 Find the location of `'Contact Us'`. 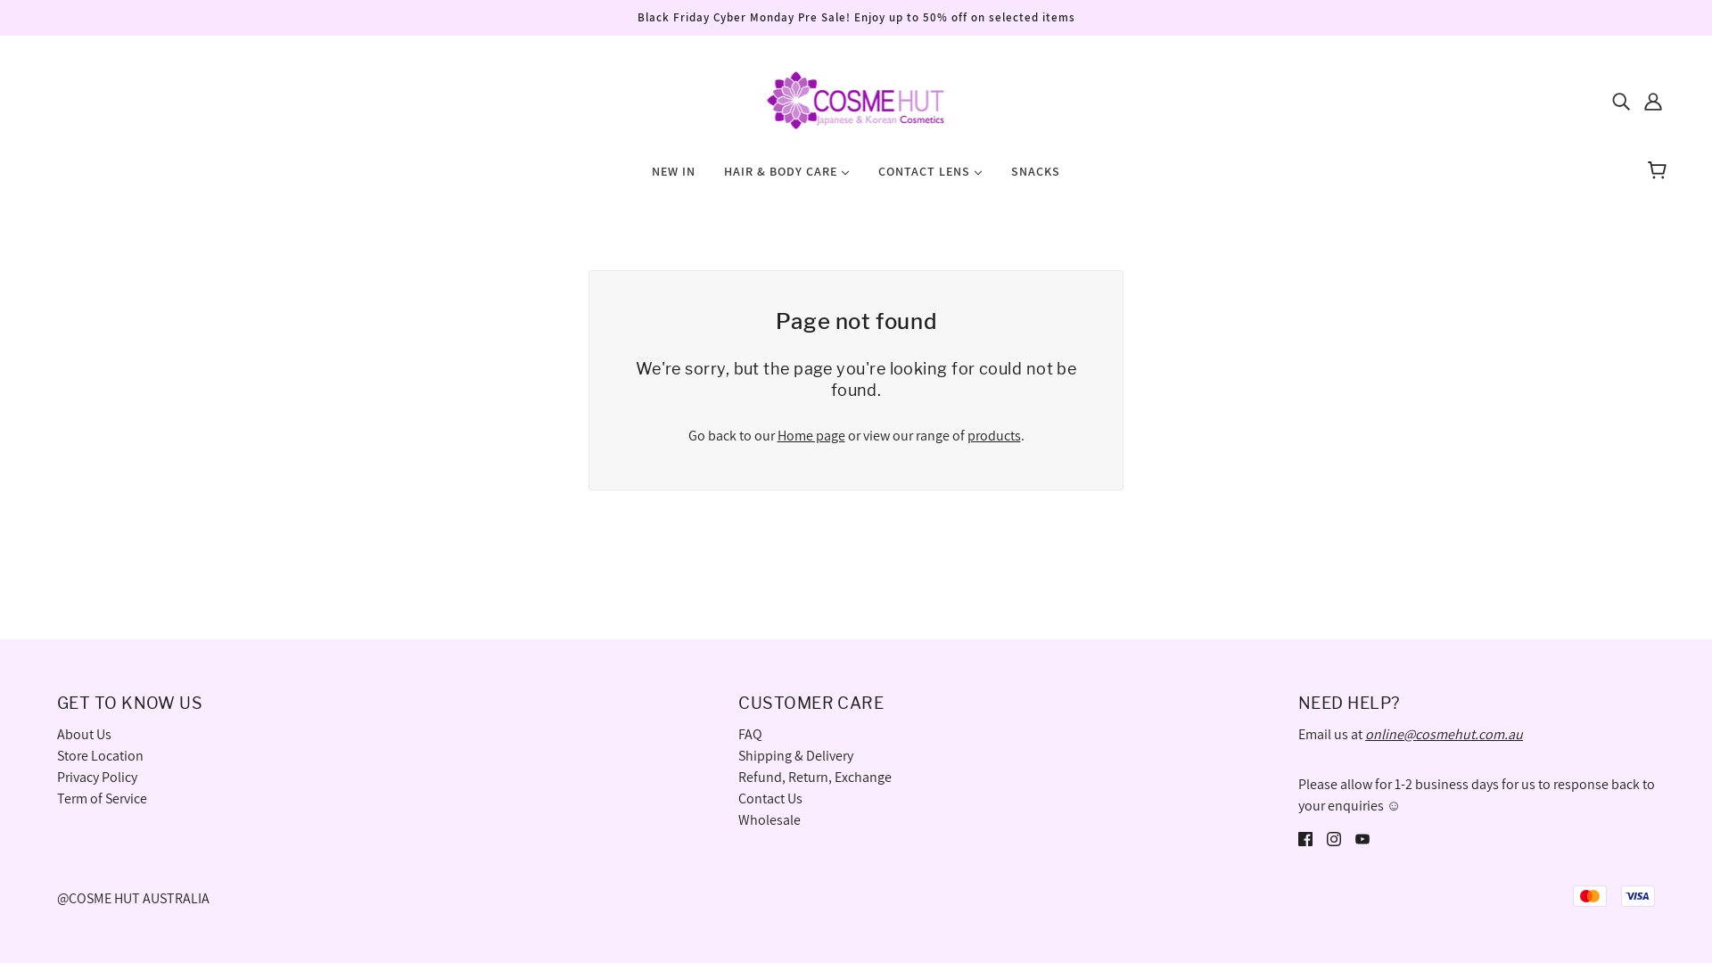

'Contact Us' is located at coordinates (770, 797).